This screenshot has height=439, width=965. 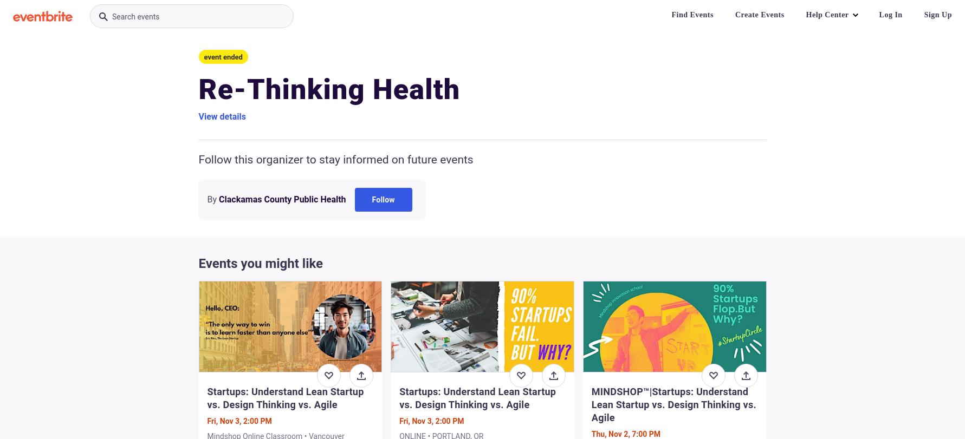 What do you see at coordinates (383, 199) in the screenshot?
I see `'Follow'` at bounding box center [383, 199].